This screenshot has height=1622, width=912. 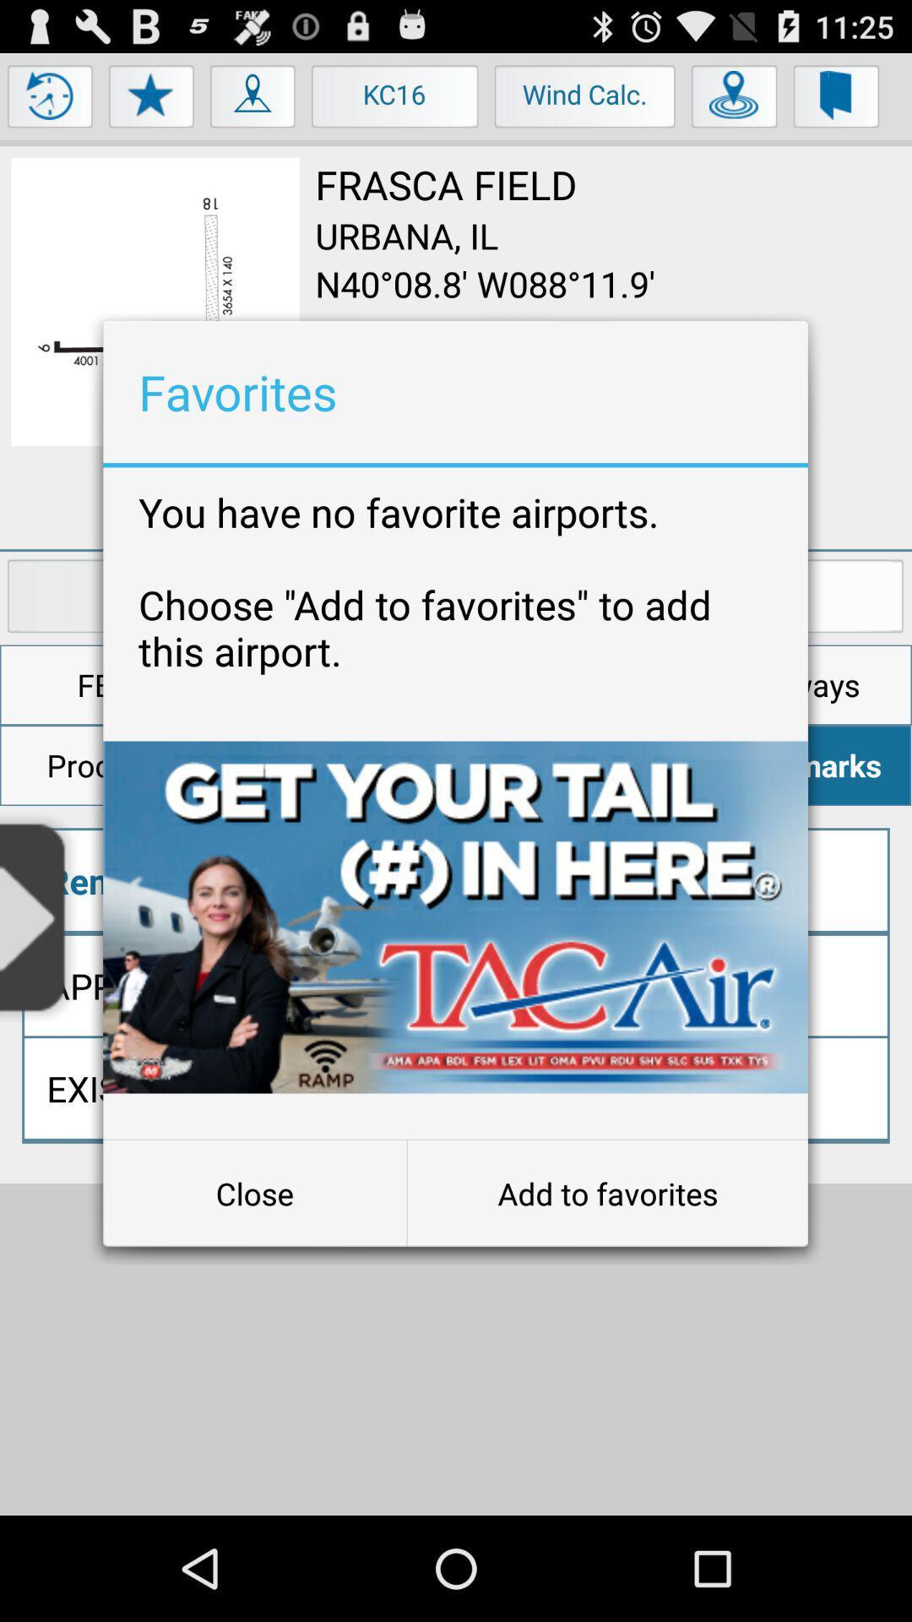 What do you see at coordinates (454, 916) in the screenshot?
I see `icon above the close` at bounding box center [454, 916].